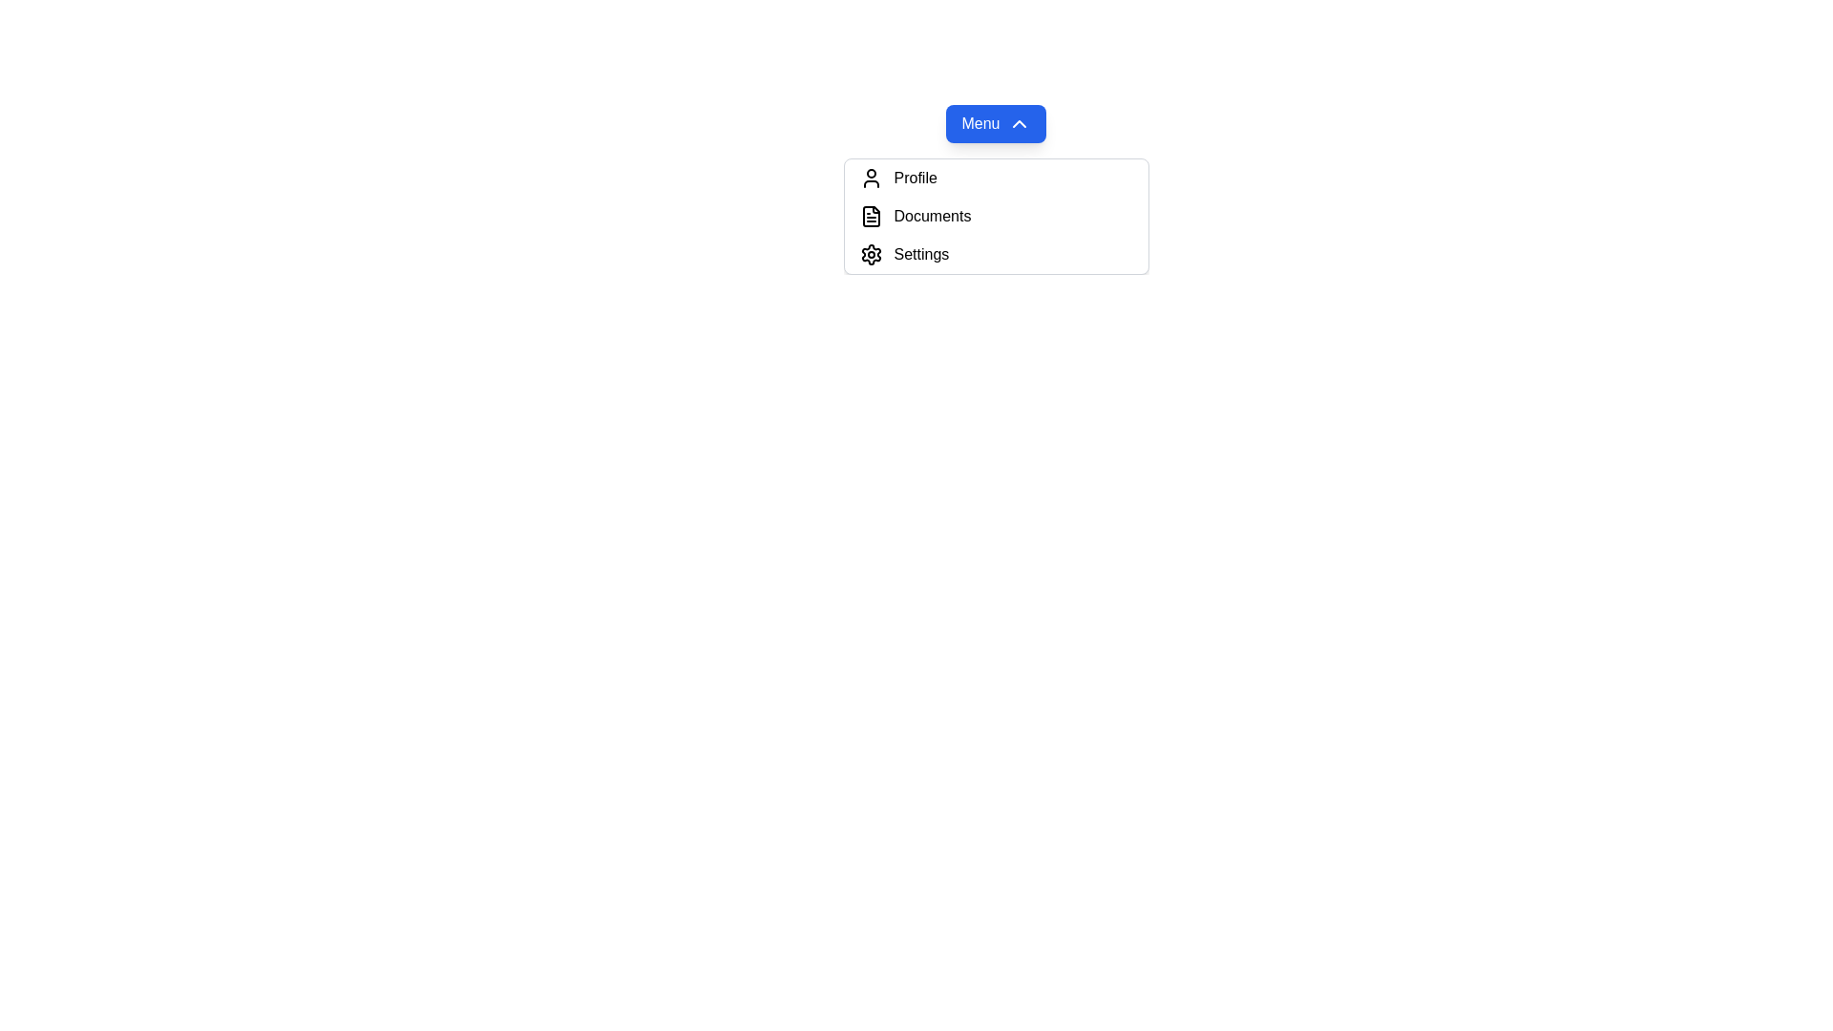 The height and width of the screenshot is (1031, 1833). What do you see at coordinates (870, 178) in the screenshot?
I see `the user icon with a minimalistic line art style, located inside the dropdown menu to the left of the 'Profile' label` at bounding box center [870, 178].